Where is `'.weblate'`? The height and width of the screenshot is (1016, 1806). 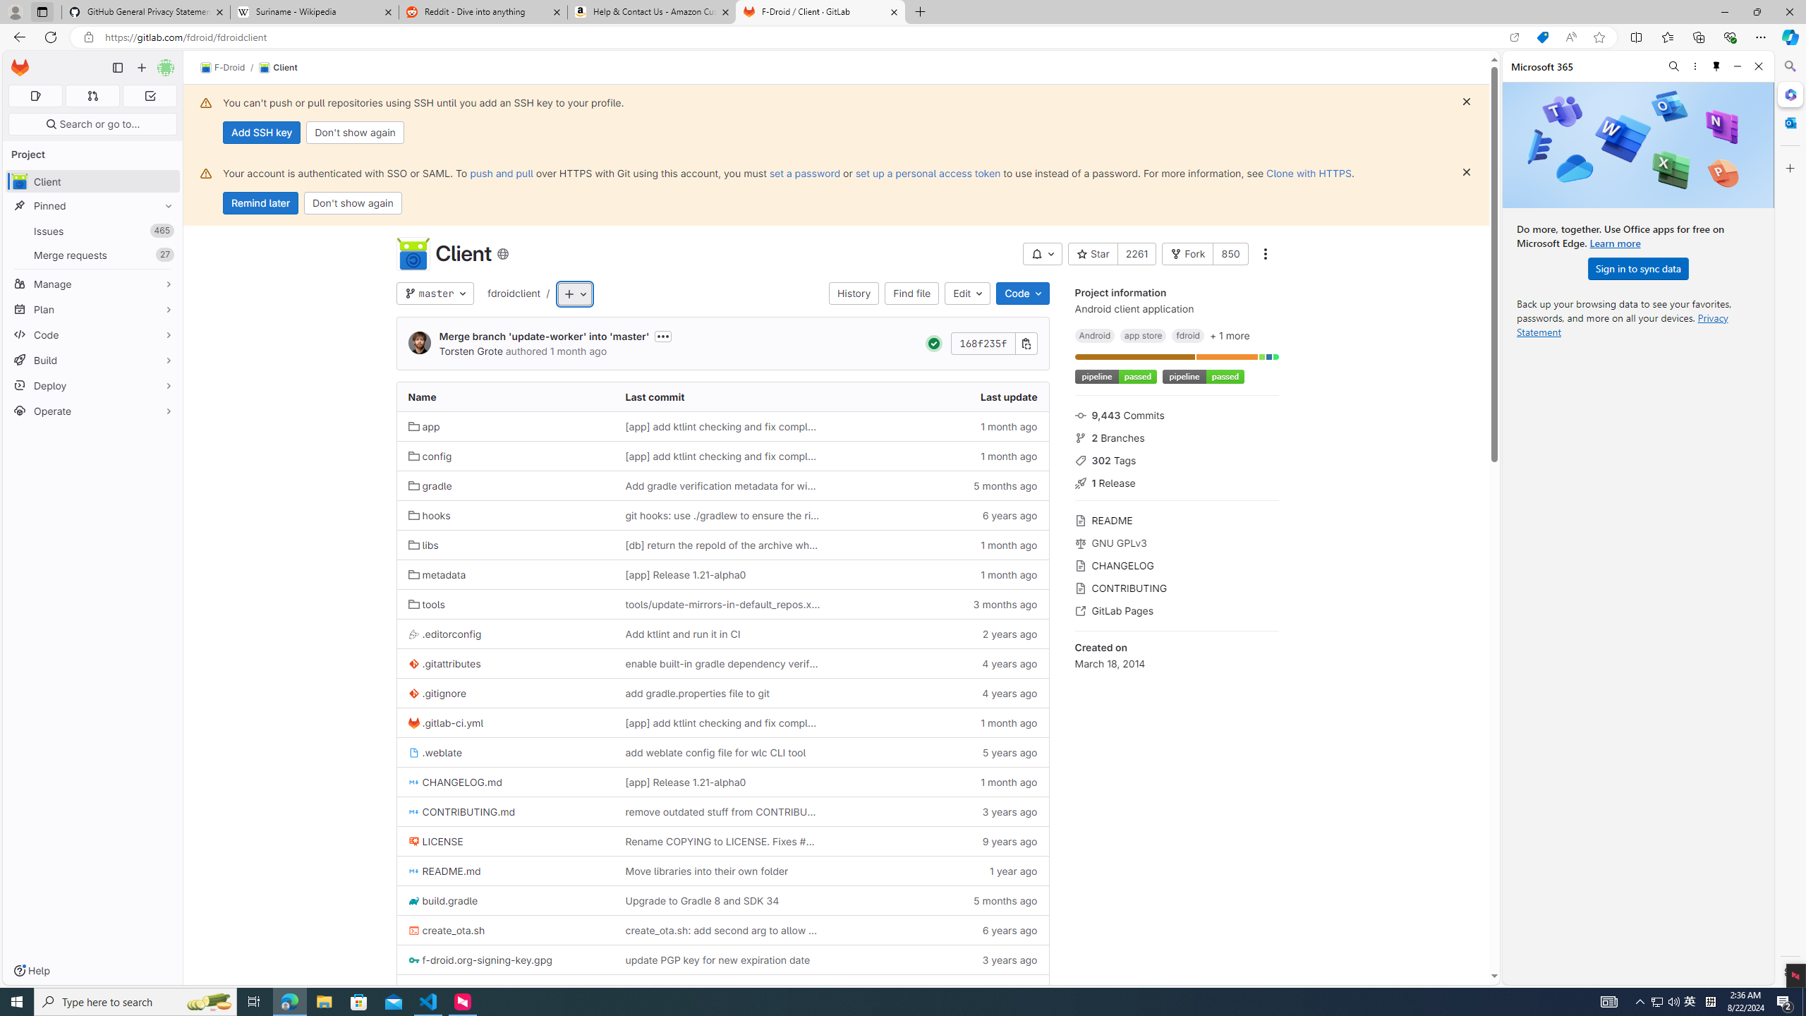
'.weblate' is located at coordinates (434, 752).